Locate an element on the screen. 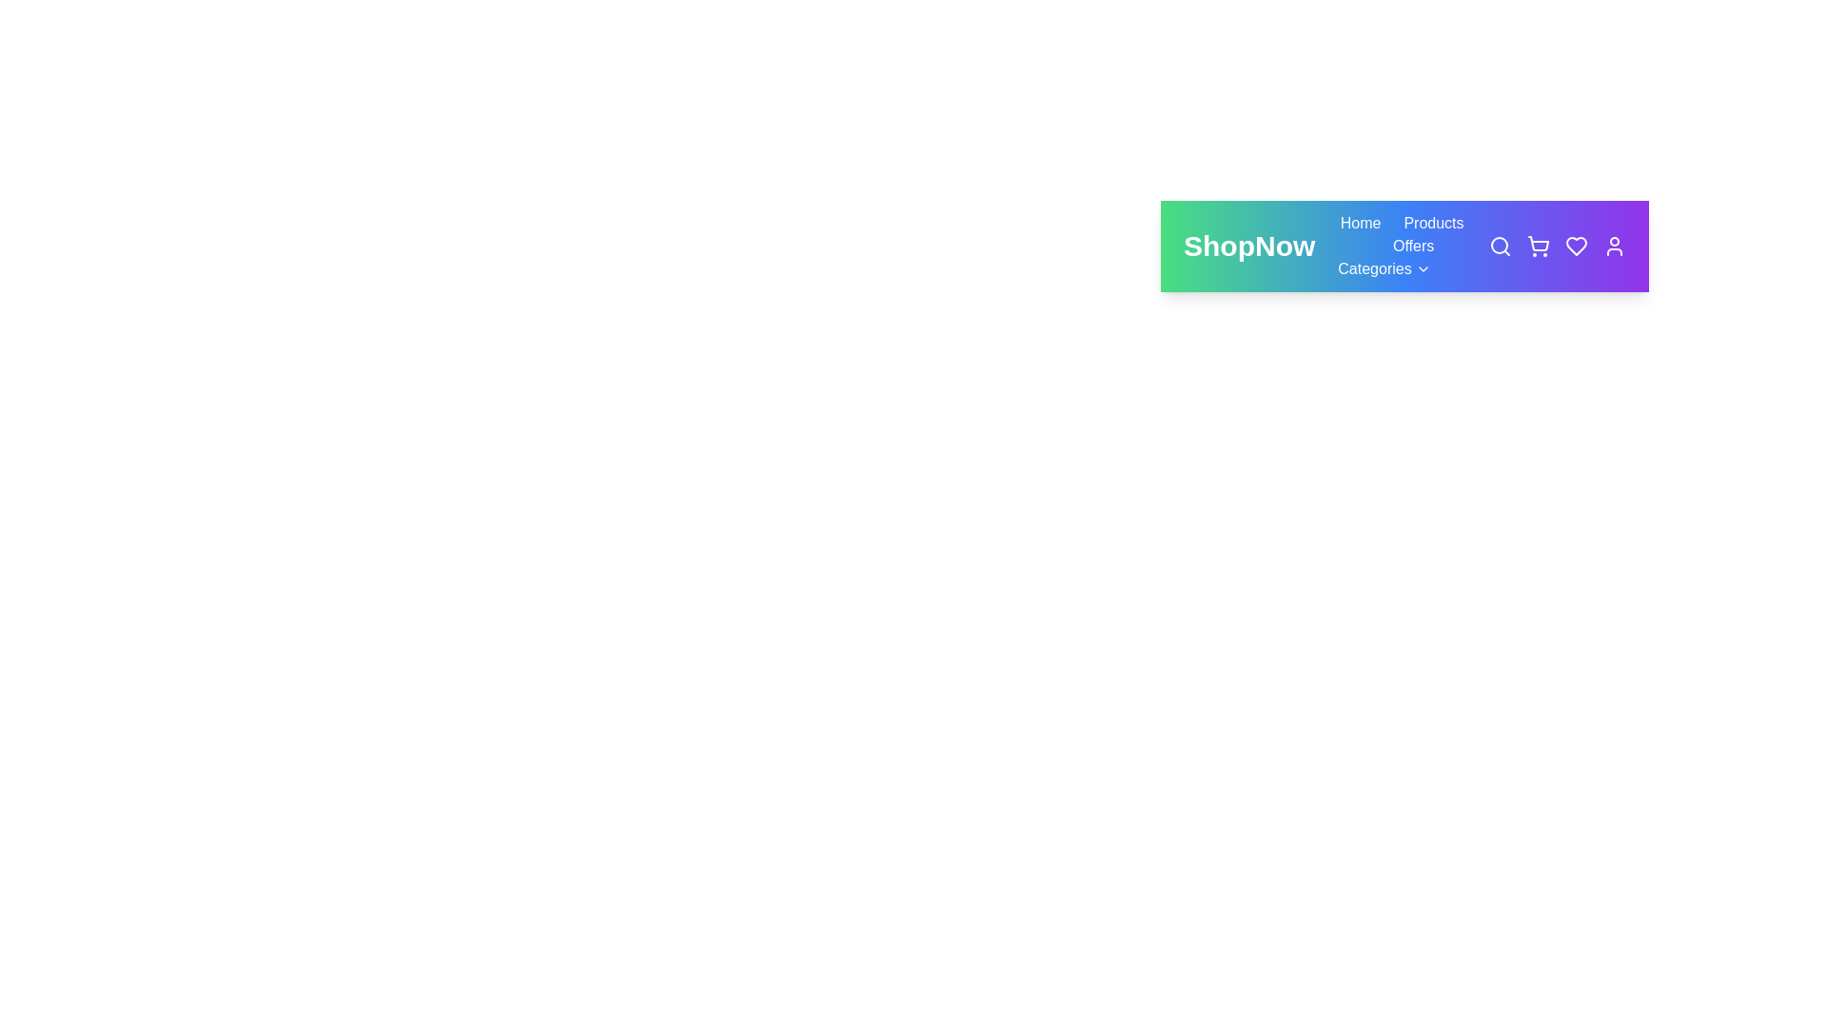 The height and width of the screenshot is (1028, 1827). the Categories navigation button to navigate to the respective section is located at coordinates (1384, 268).